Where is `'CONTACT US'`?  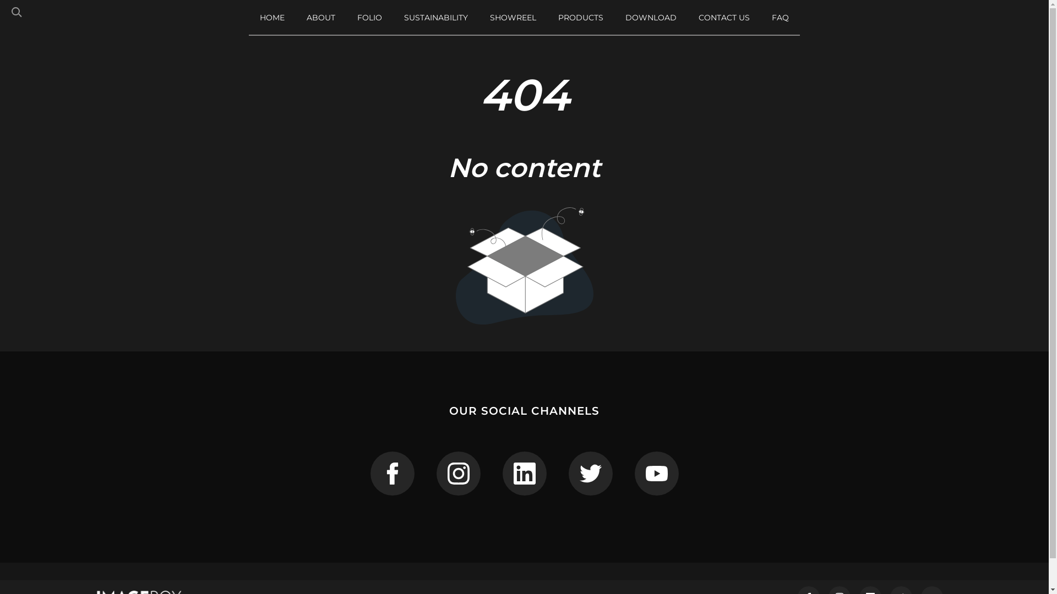
'CONTACT US' is located at coordinates (724, 18).